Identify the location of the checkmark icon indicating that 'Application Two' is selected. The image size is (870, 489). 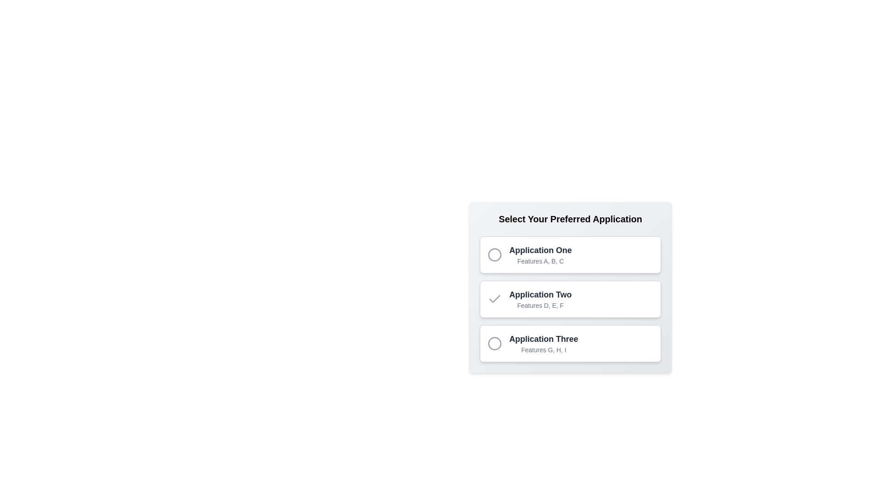
(494, 299).